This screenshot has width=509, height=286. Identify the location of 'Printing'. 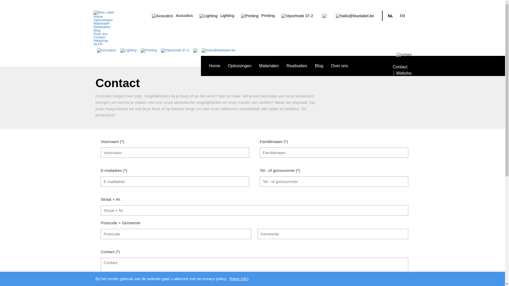
(257, 15).